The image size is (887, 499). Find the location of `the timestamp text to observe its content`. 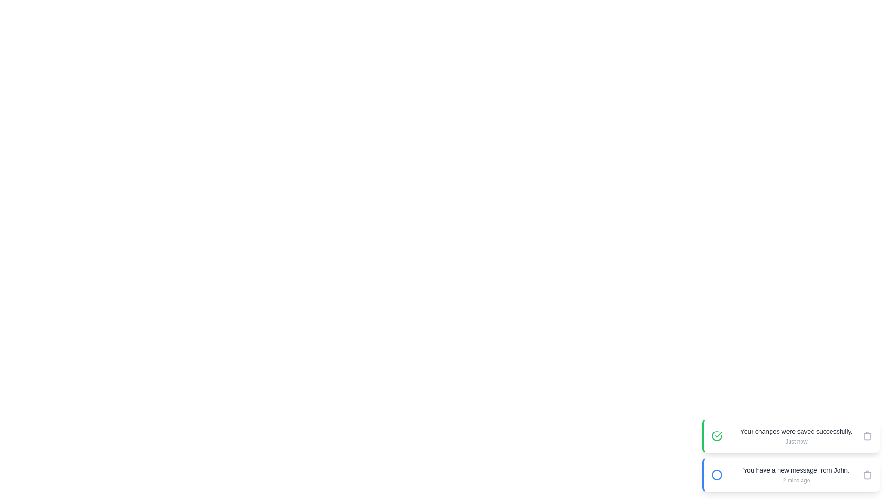

the timestamp text to observe its content is located at coordinates (796, 441).